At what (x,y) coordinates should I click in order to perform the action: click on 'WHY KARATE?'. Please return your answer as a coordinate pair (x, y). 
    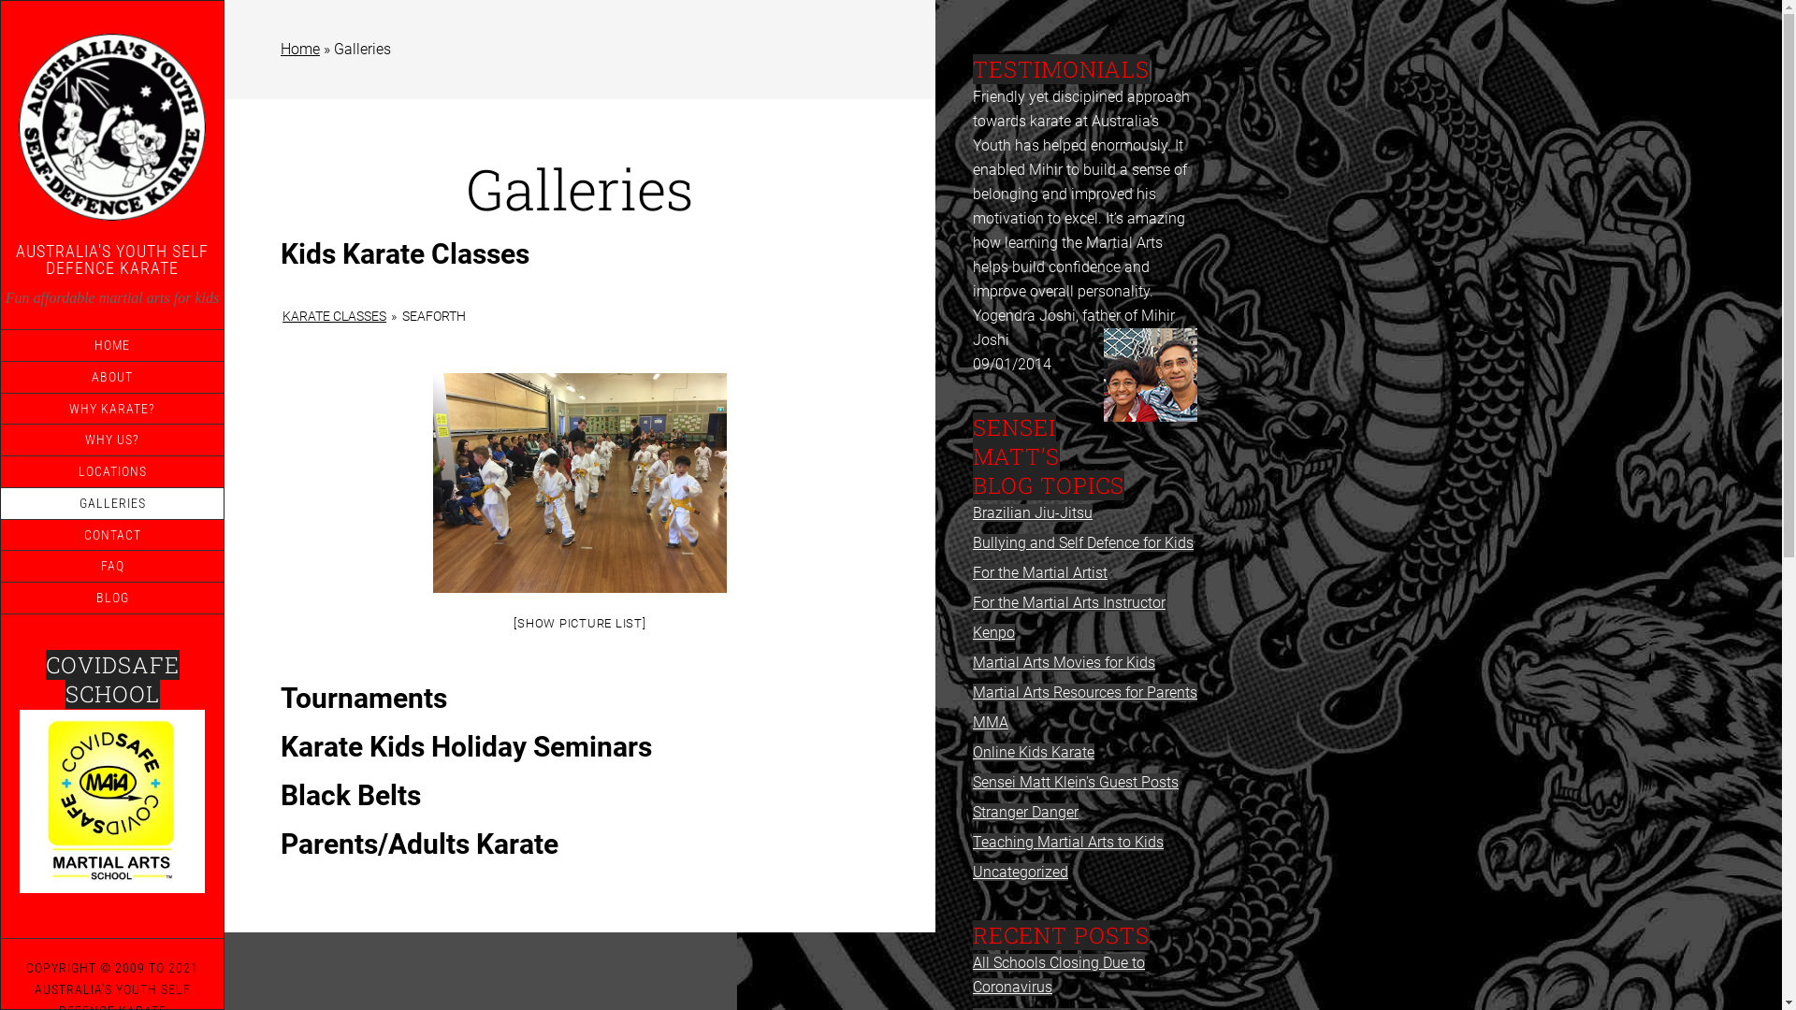
    Looking at the image, I should click on (111, 407).